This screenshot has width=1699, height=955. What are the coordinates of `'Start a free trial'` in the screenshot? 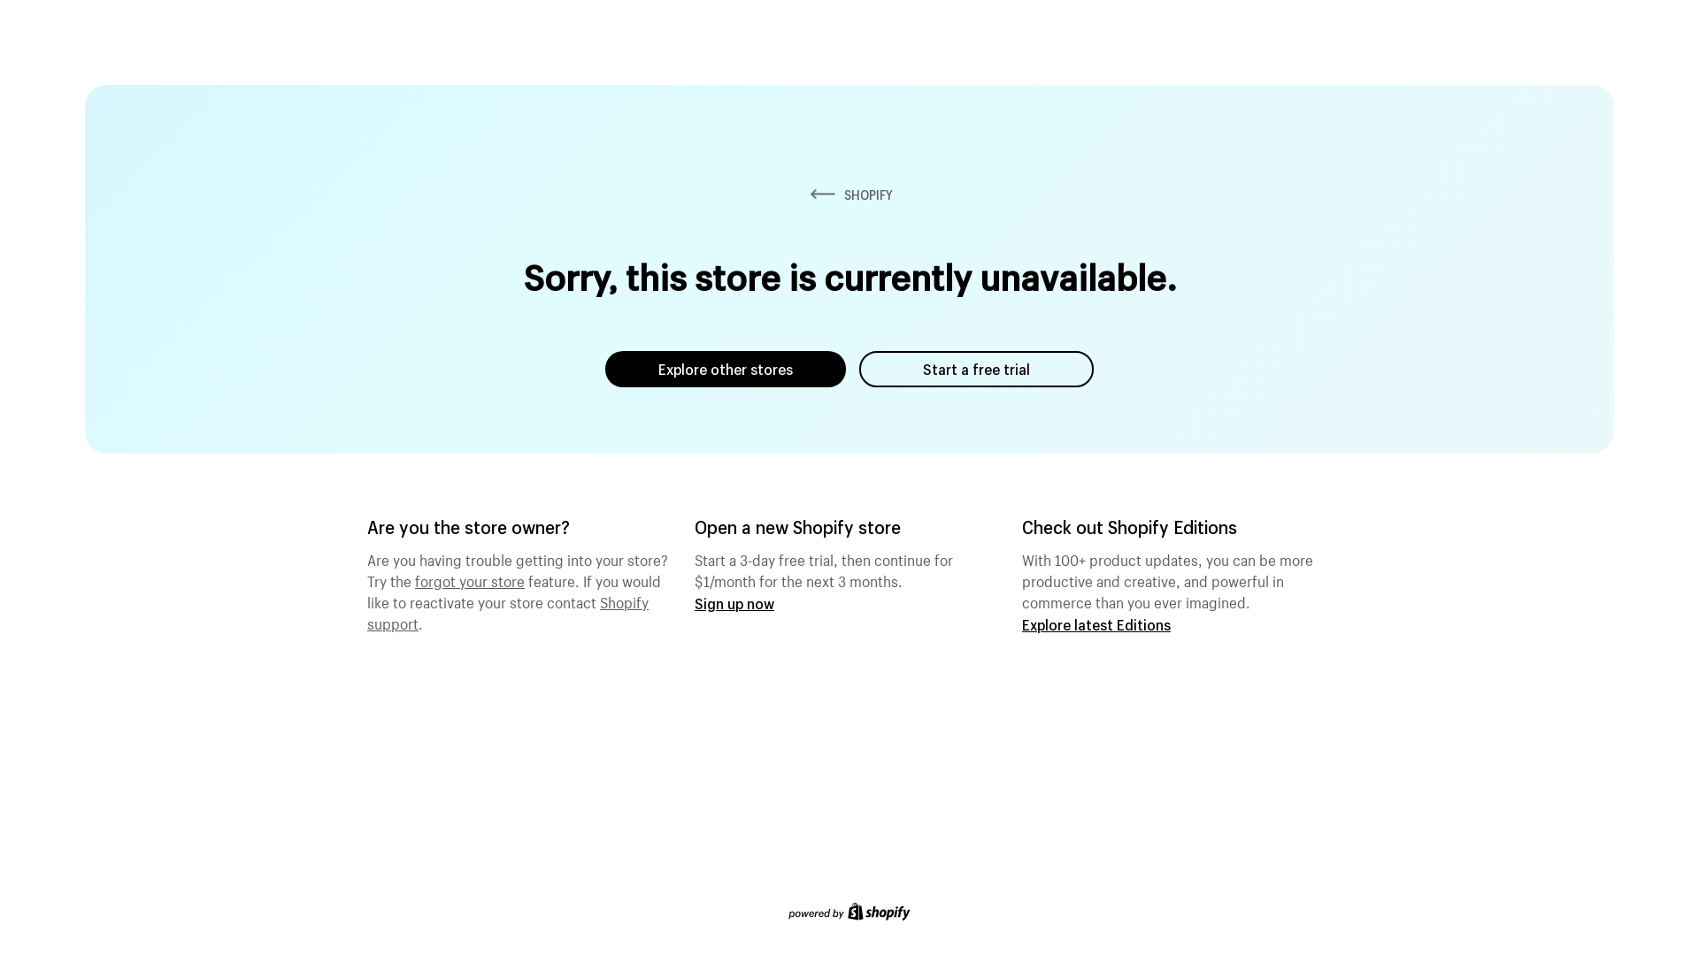 It's located at (975, 368).